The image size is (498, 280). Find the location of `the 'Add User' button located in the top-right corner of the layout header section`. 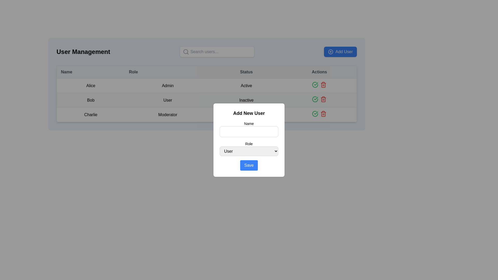

the 'Add User' button located in the top-right corner of the layout header section is located at coordinates (340, 52).